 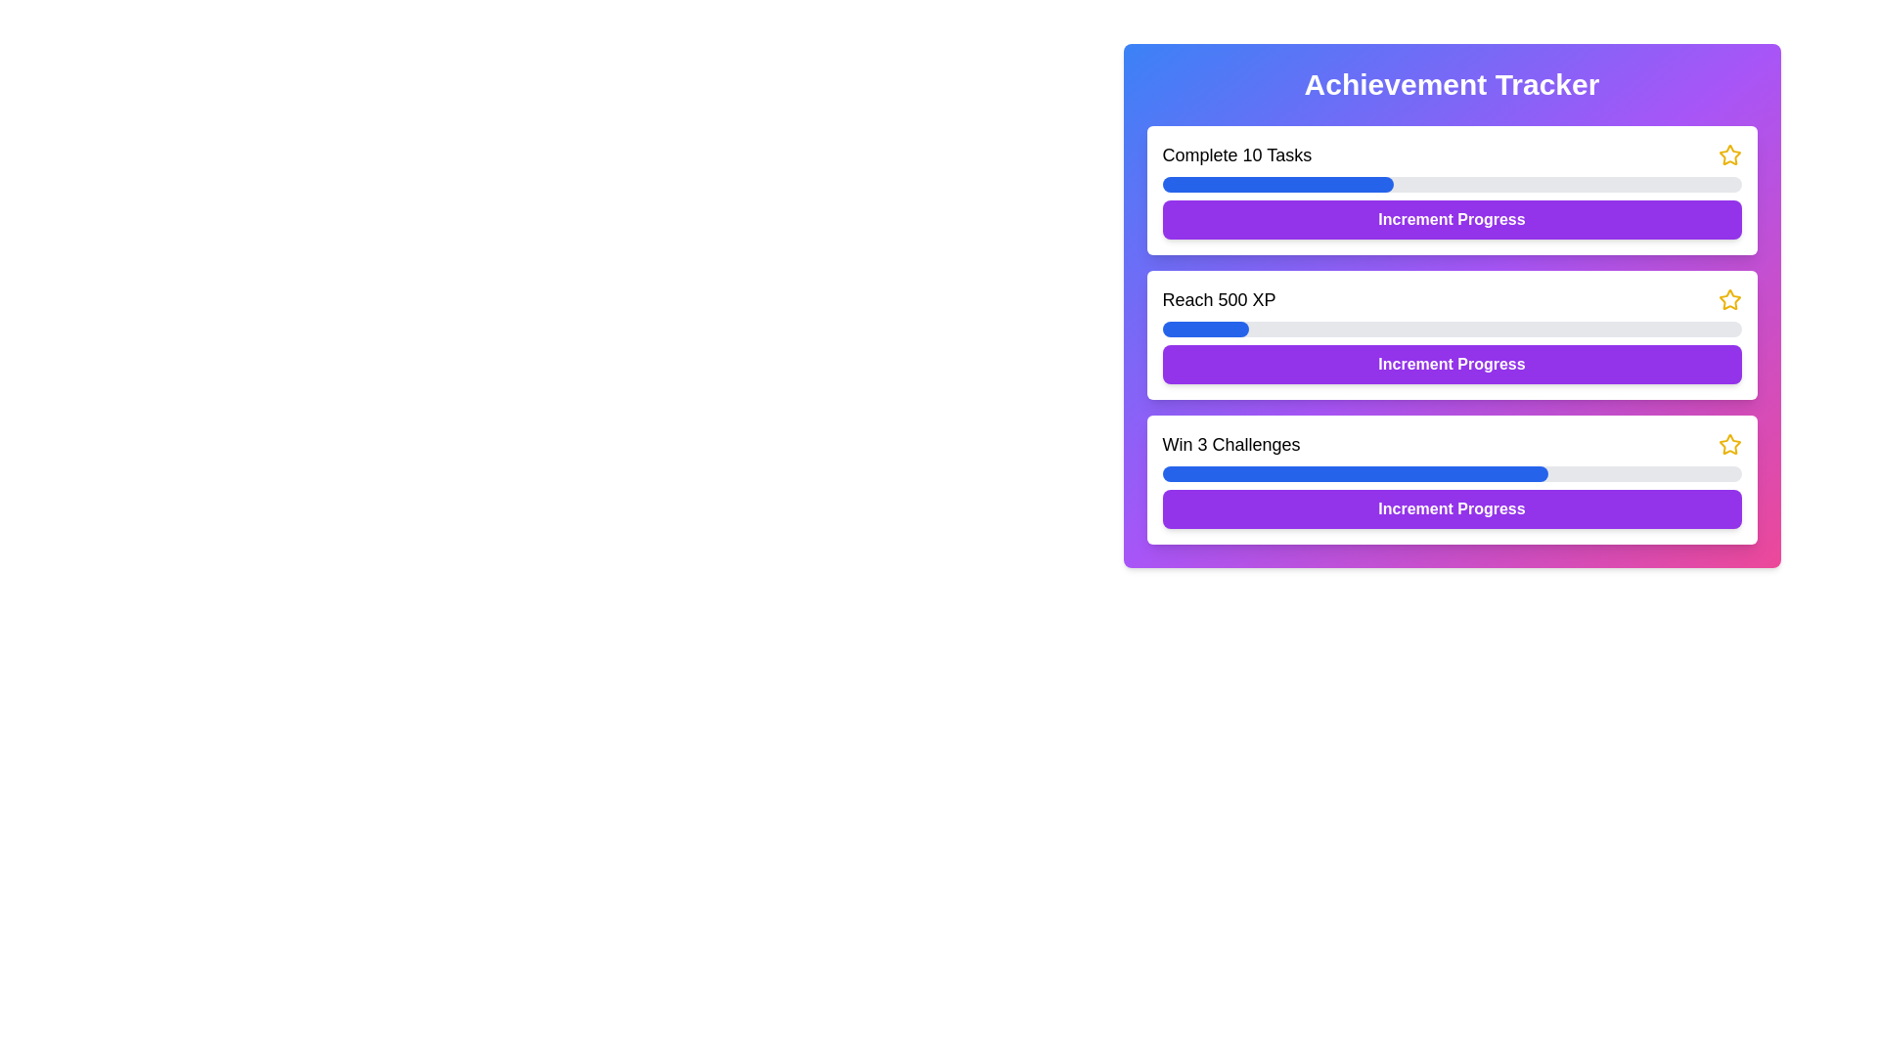 I want to click on the blue progress indicator within the 'Reach 500 XP' section of the second progress bar in the 'Achievement Tracker' UI, which is filled to approximately 15% of its total width, so click(x=1204, y=328).